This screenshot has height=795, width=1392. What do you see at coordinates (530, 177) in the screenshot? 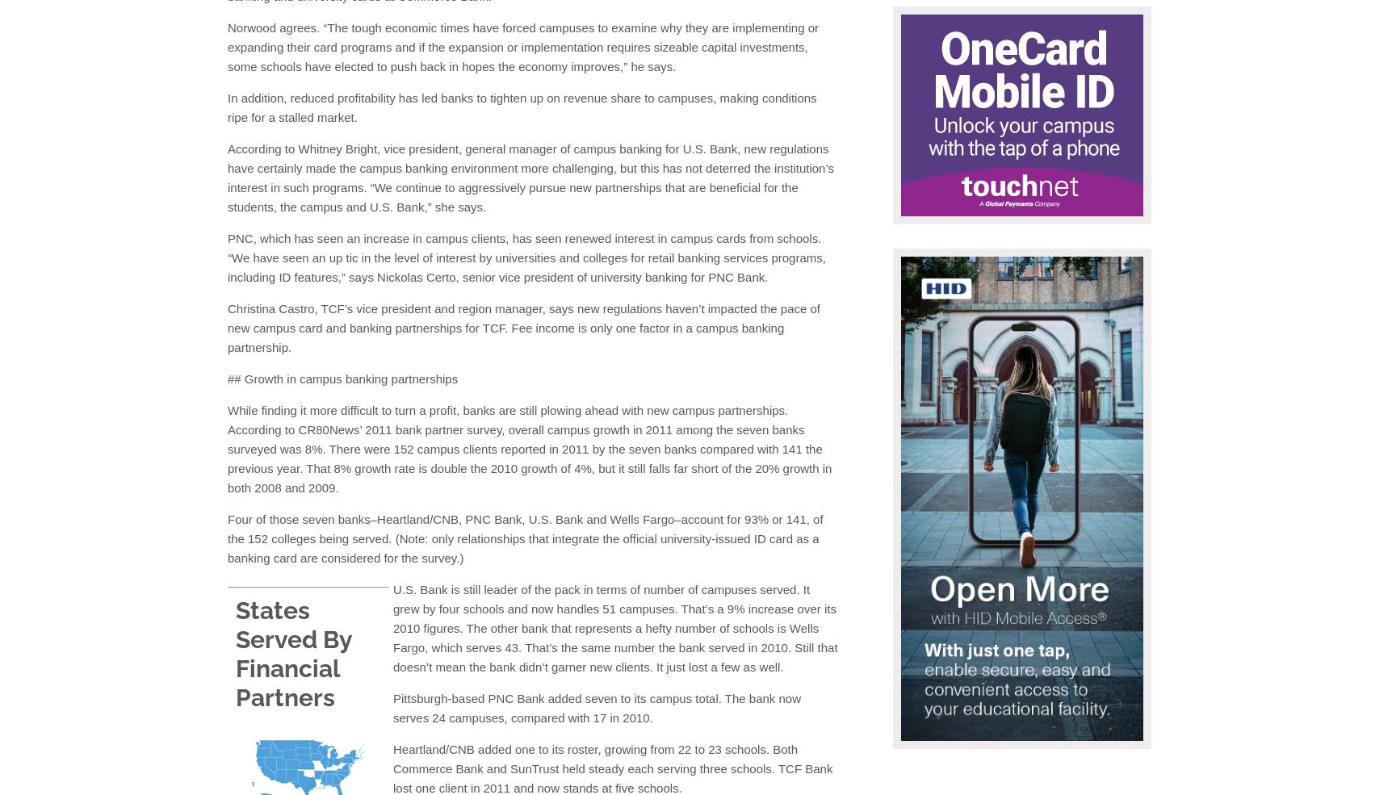
I see `'According to Whitney Bright, vice president, general manager of campus banking for U.S. Bank, new regulations have certainly made the campus banking environment more challenging, but this has not deterred the institution’s interest in such programs. “We continue to aggressively pursue new partnerships that are beneficial for the students, the campus and U.S. Bank,” she says.'` at bounding box center [530, 177].